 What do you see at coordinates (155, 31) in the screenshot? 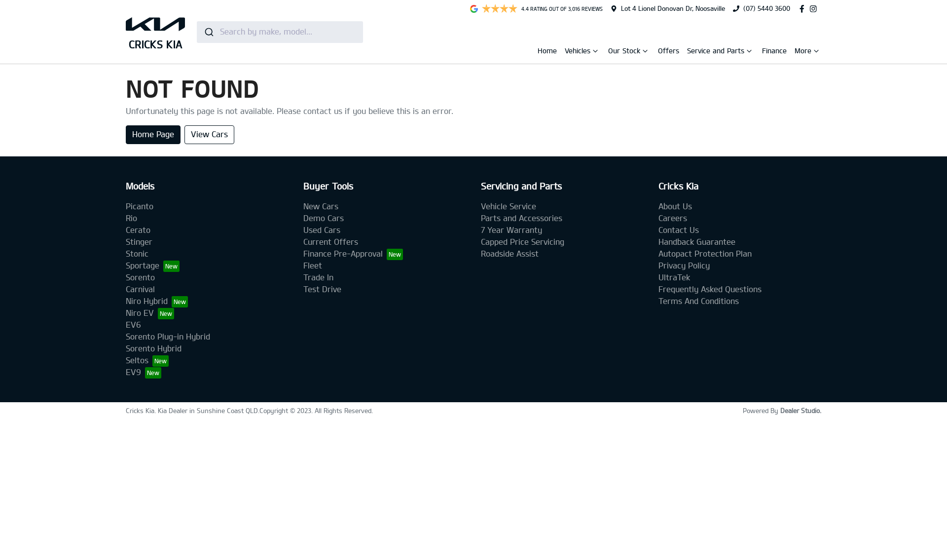
I see `'CRICKS KIA'` at bounding box center [155, 31].